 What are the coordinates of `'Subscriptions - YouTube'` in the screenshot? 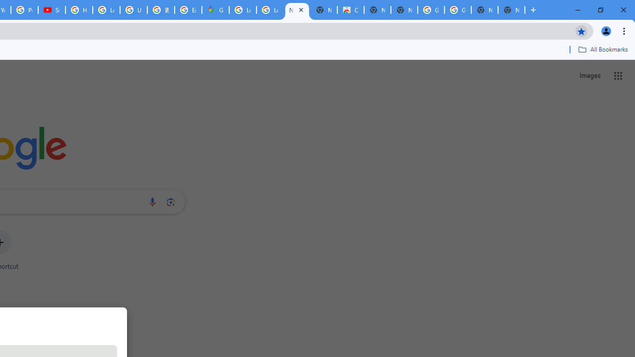 It's located at (51, 10).